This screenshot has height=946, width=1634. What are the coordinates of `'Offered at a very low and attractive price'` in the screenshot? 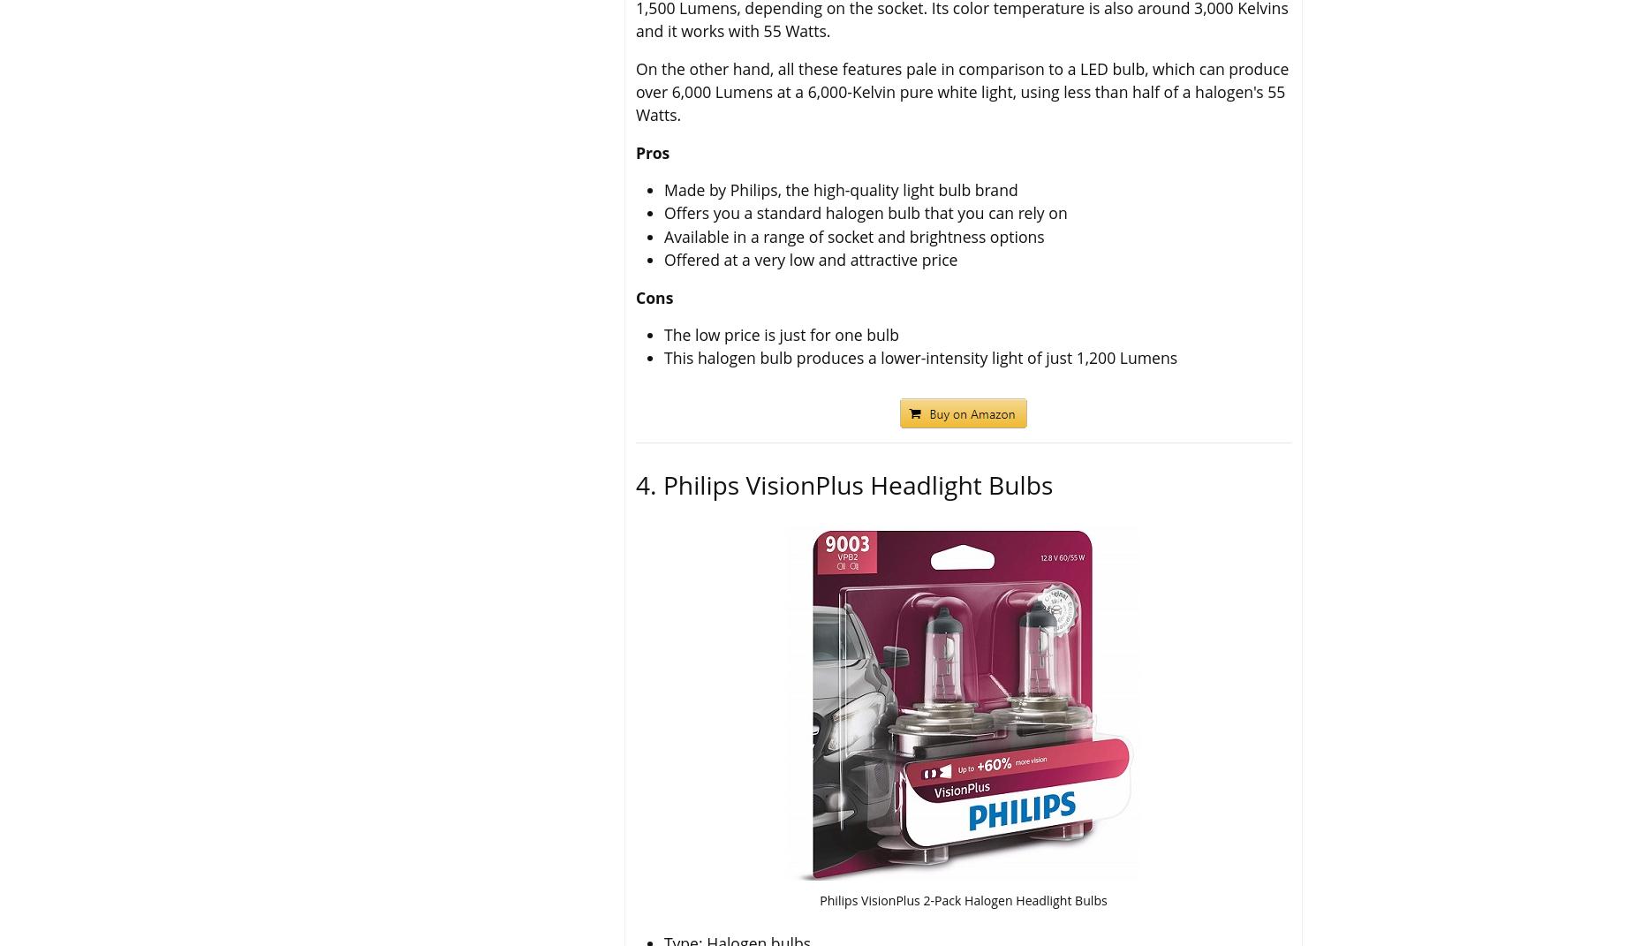 It's located at (664, 259).